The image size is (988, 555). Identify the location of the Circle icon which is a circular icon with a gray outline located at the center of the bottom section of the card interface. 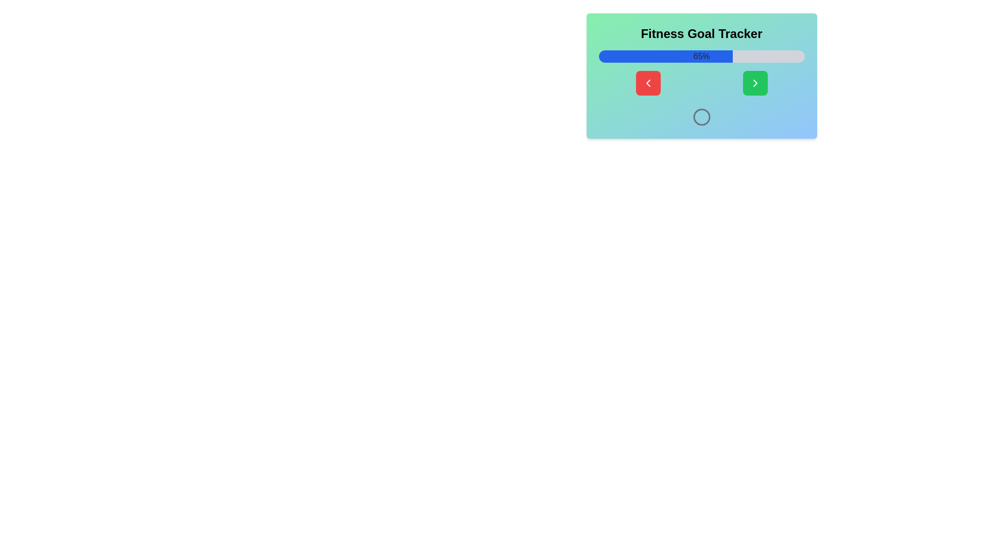
(701, 116).